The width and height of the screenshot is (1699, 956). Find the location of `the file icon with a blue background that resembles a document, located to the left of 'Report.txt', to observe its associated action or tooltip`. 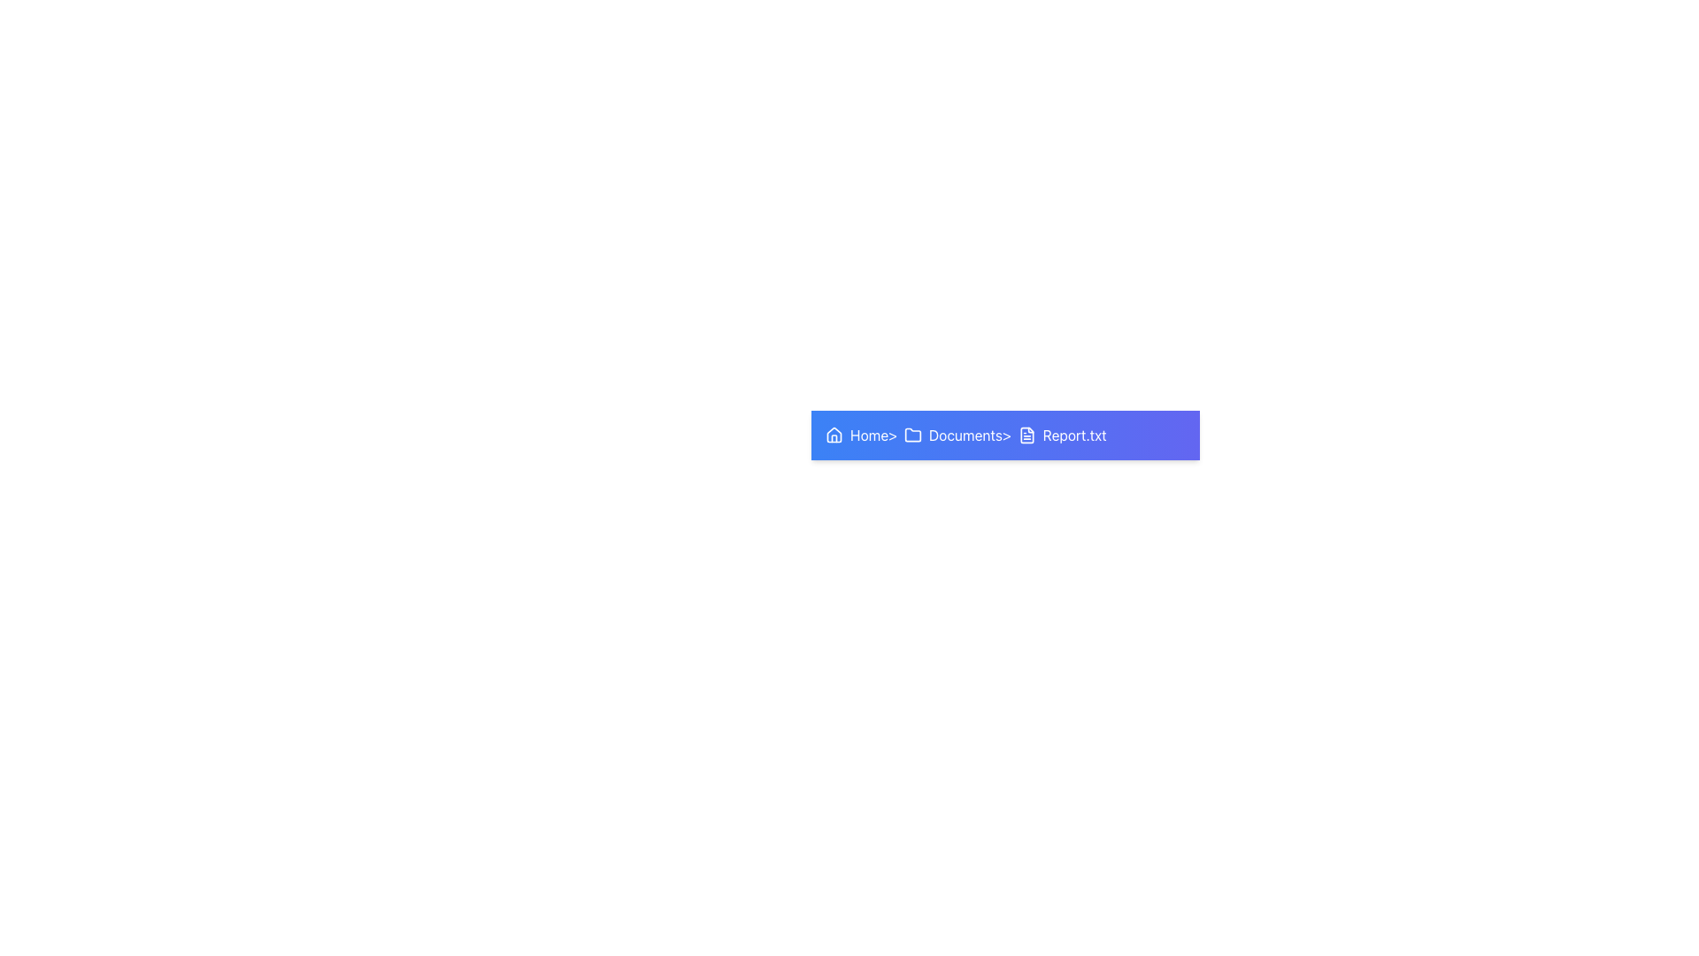

the file icon with a blue background that resembles a document, located to the left of 'Report.txt', to observe its associated action or tooltip is located at coordinates (1026, 436).